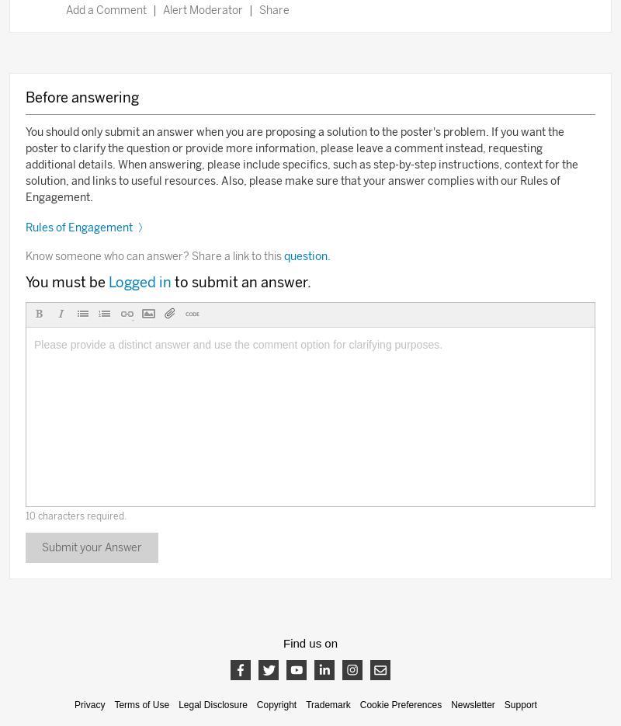  I want to click on 'Newsletter', so click(449, 704).